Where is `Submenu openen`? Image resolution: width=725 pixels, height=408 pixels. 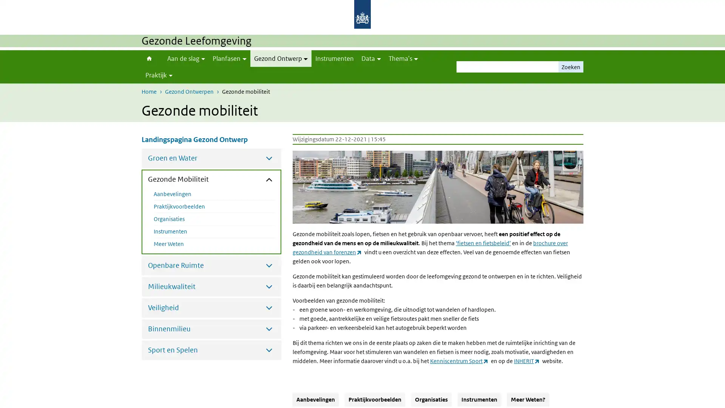 Submenu openen is located at coordinates (269, 328).